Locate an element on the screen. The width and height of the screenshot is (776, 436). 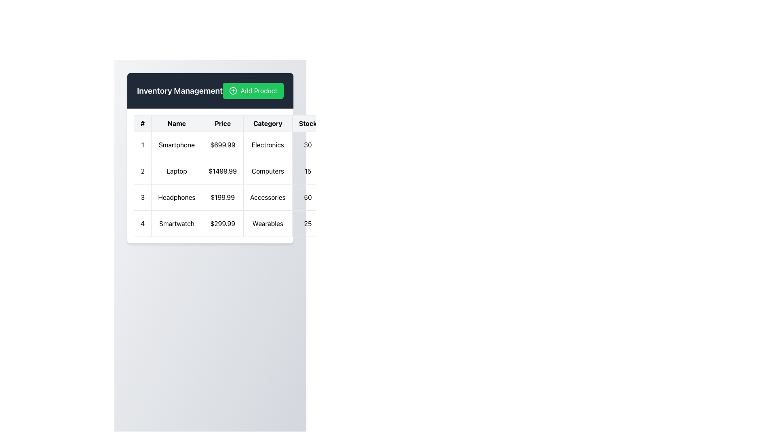
to select the third row in the table that contains the data: 3, Headphones, $199.99, Accessories, 50 is located at coordinates (247, 197).